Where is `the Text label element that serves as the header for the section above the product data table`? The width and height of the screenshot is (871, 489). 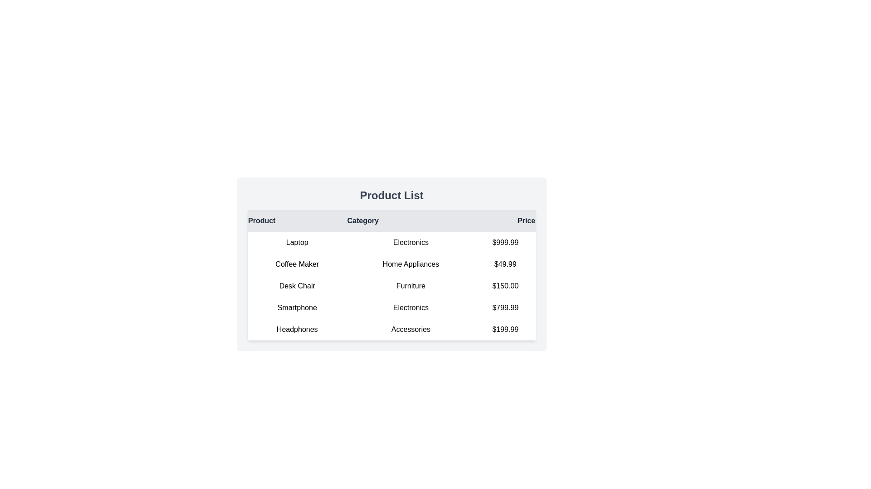
the Text label element that serves as the header for the section above the product data table is located at coordinates (391, 195).